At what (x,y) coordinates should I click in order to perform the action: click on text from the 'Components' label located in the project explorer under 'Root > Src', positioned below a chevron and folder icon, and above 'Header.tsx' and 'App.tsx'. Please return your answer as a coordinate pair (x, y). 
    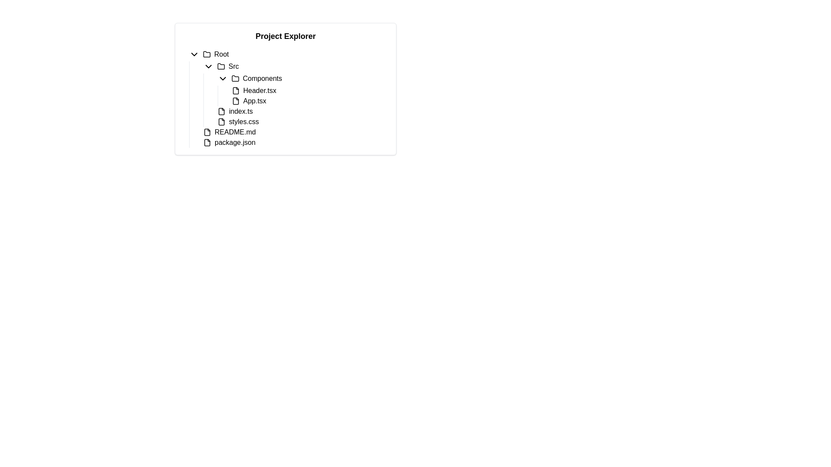
    Looking at the image, I should click on (262, 78).